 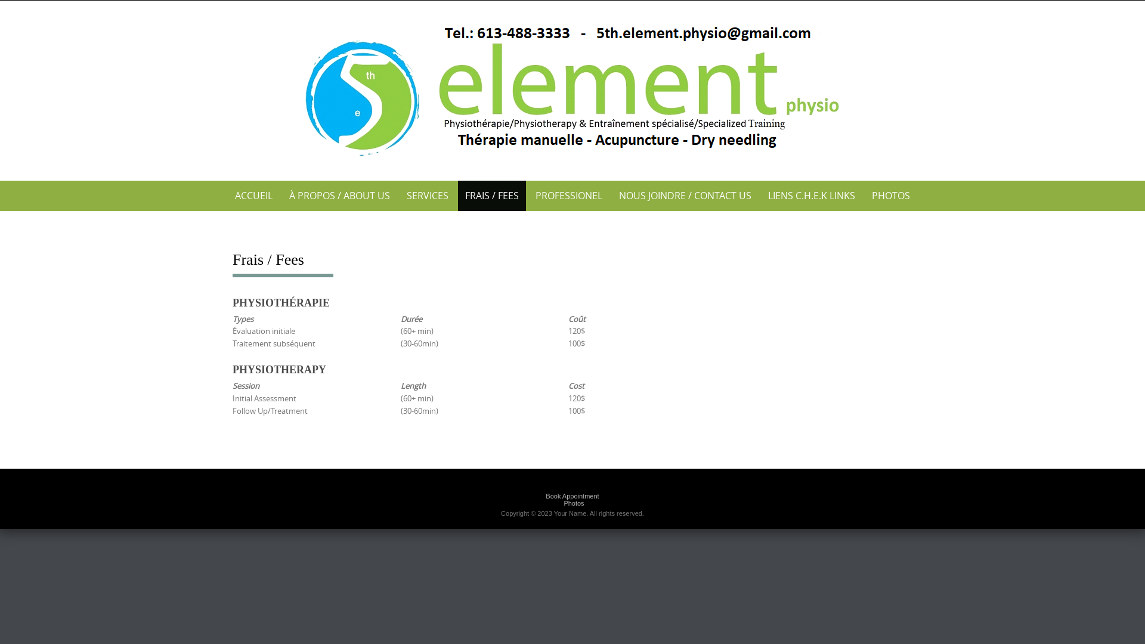 What do you see at coordinates (0, 1) in the screenshot?
I see `'Skip to content'` at bounding box center [0, 1].